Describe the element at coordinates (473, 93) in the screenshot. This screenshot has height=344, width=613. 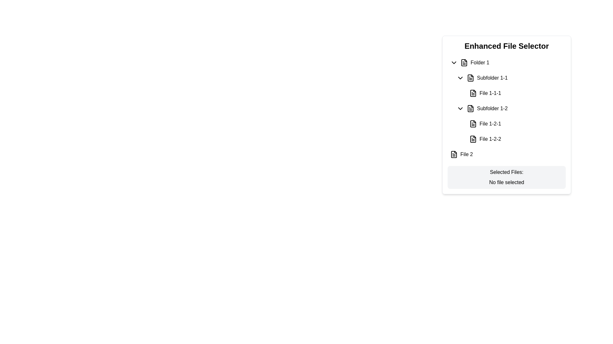
I see `the icon representing the File 1-1-1 entry in the file selection interface, which is located to the left of the text 'File 1-1-1' under 'Subfolder 1-1' within the 'Folder 1' directory` at that location.